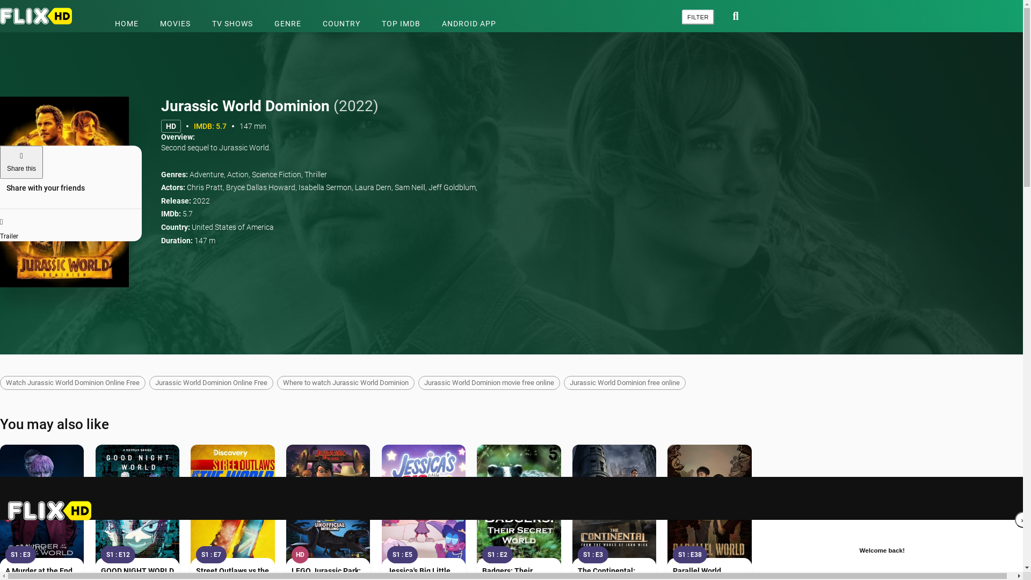  I want to click on 'United States of America', so click(232, 227).